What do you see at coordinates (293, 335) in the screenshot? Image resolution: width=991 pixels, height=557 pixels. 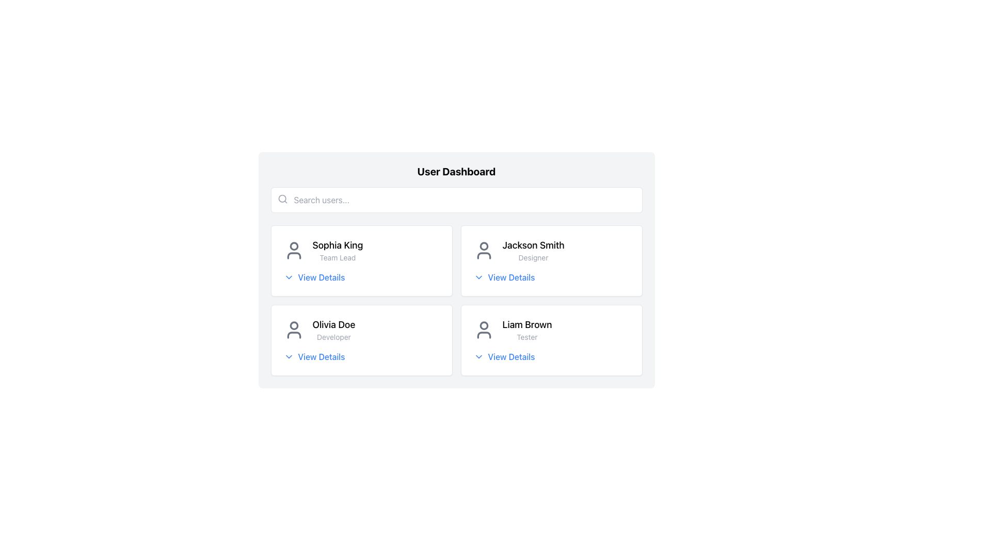 I see `the torso outline segment of the user avatar icon located in the bottom left block of the dashboard interface next to the name 'Olivia Doe' and their role 'Developer'` at bounding box center [293, 335].